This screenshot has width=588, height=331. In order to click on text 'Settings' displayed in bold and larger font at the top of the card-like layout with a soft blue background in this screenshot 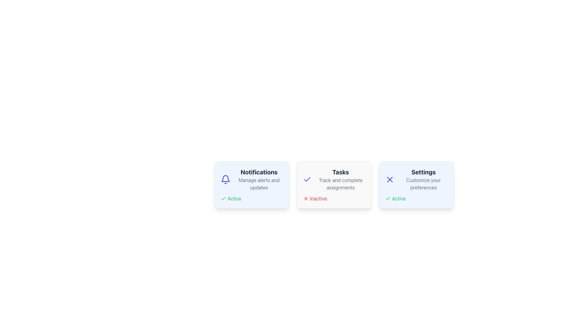, I will do `click(423, 172)`.